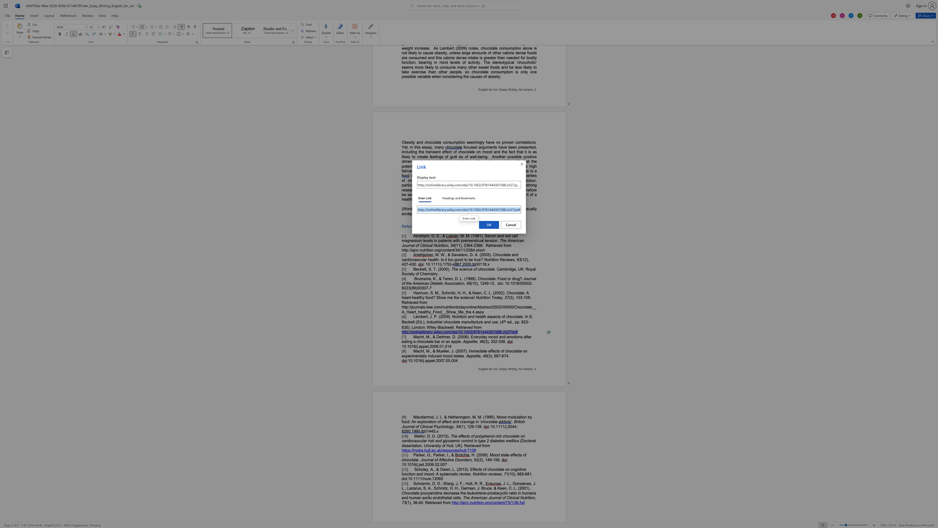  What do you see at coordinates (472, 441) in the screenshot?
I see `the 6th character "l" in the text` at bounding box center [472, 441].